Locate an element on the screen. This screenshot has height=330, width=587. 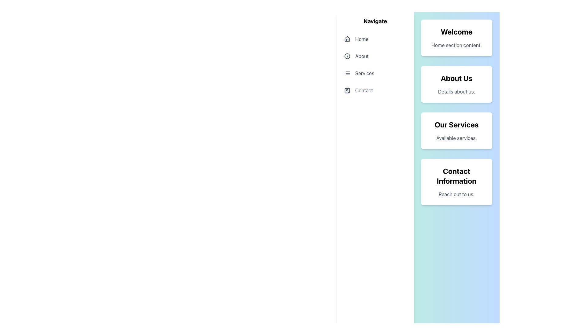
the bold 'Welcome' text element that is prominently displayed at the top of the 'Home' section is located at coordinates (456, 32).